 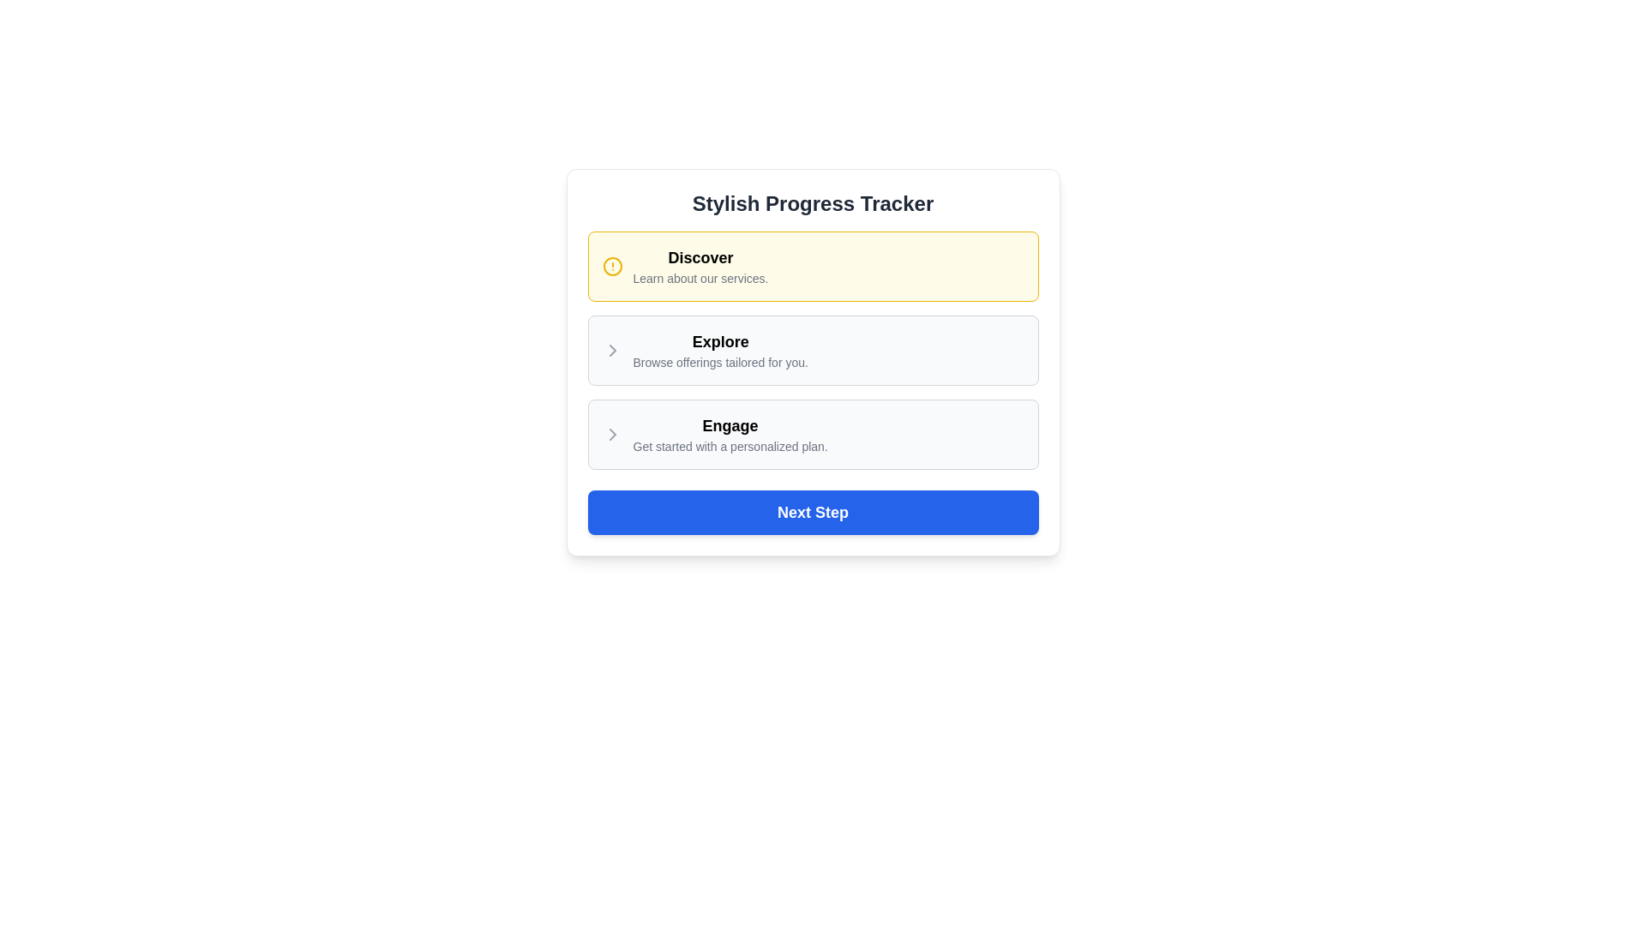 I want to click on text content that serves as a header and description for the 'Discover' option, located in the highlighted box at the top section of the interface, so click(x=700, y=267).